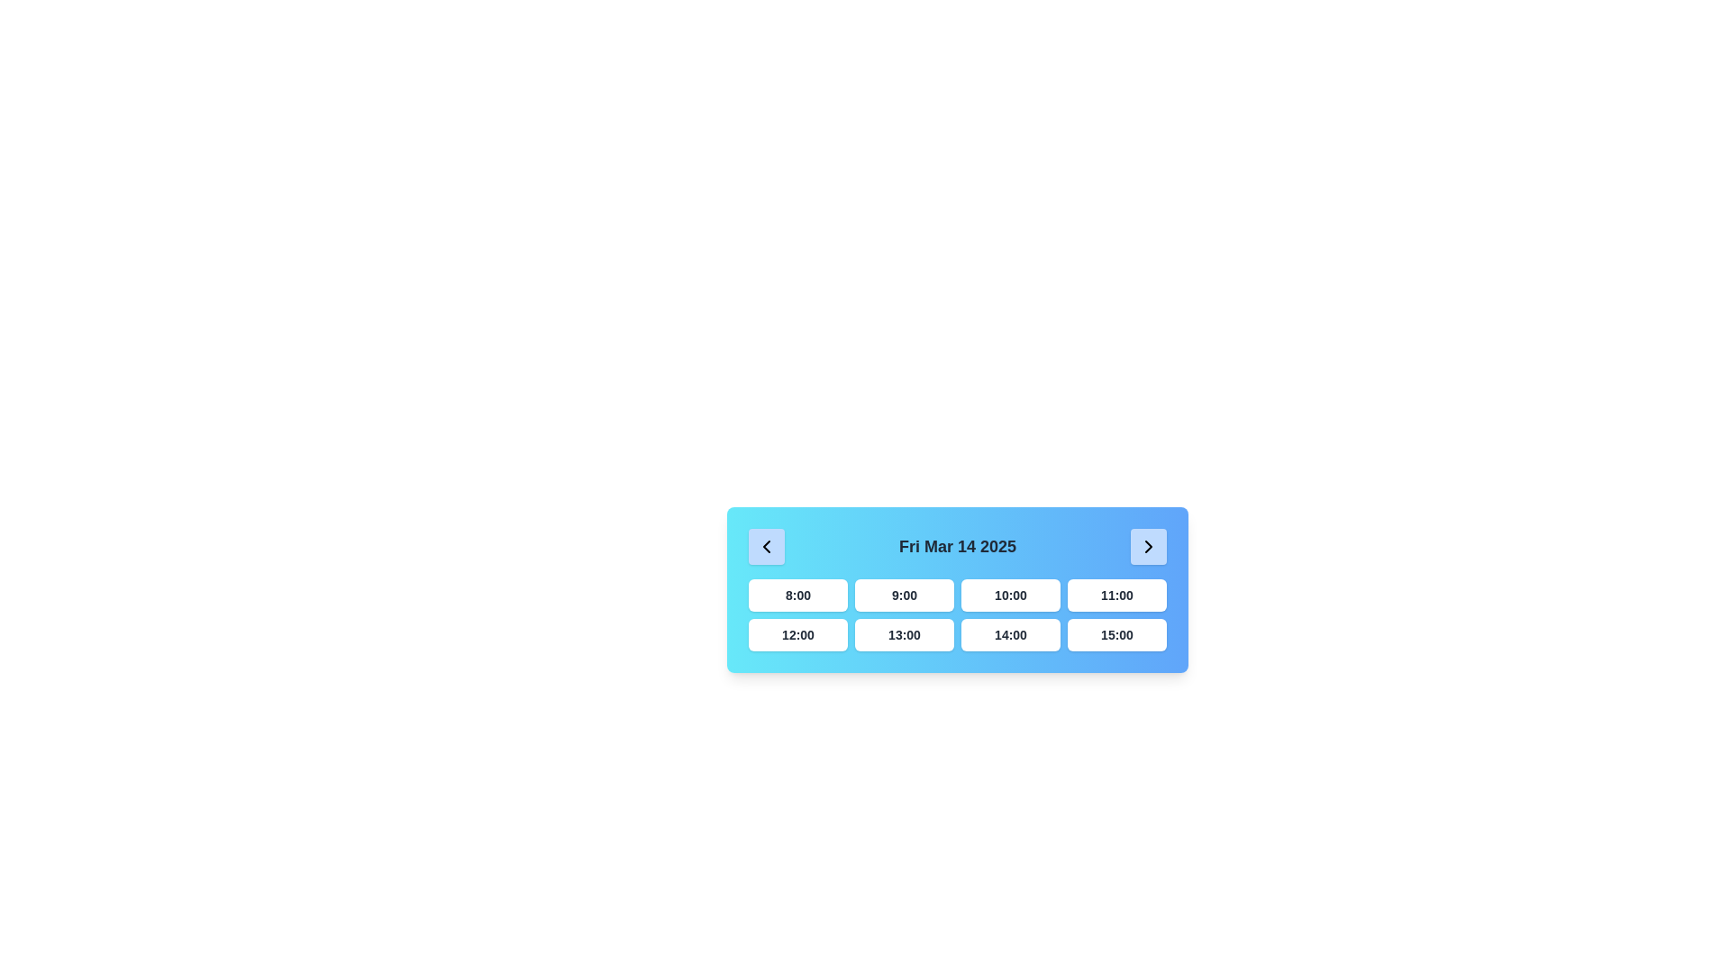 The width and height of the screenshot is (1730, 973). What do you see at coordinates (904, 595) in the screenshot?
I see `the second button in the first row of a 4x2 grid layout` at bounding box center [904, 595].